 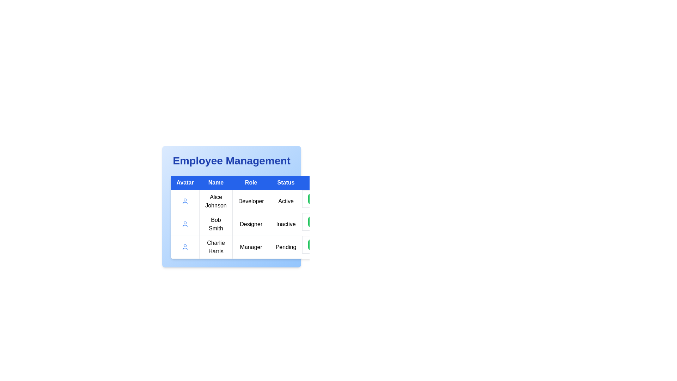 What do you see at coordinates (286, 224) in the screenshot?
I see `status 'Inactive' displayed in the rectangular text box located in the second row, fourth column of the 'Employee Management' table` at bounding box center [286, 224].